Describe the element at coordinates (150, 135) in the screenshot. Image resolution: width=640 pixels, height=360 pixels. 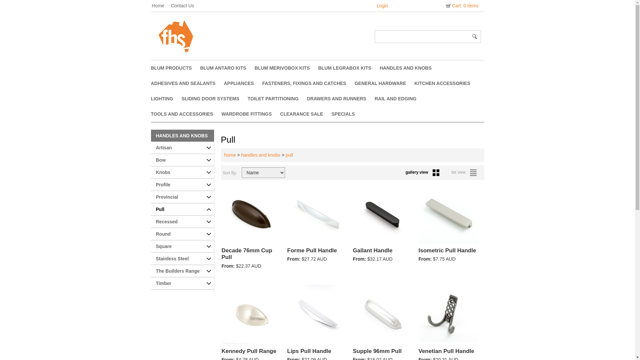
I see `'HANDLES AND KNOBS'` at that location.